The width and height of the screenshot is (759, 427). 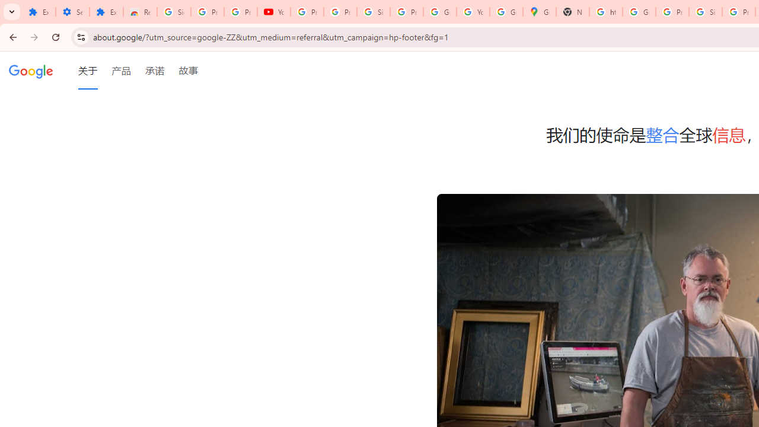 What do you see at coordinates (140, 12) in the screenshot?
I see `'Reviews: Helix Fruit Jump Arcade Game'` at bounding box center [140, 12].